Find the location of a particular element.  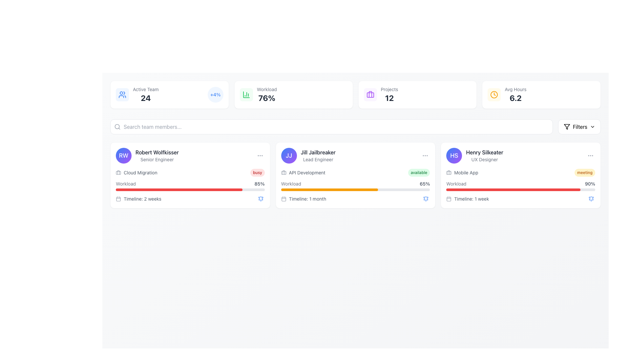

the static text element labeled 'Filters' located in the button group at the top-right corner of the interface, next to the SVG filter icon and chevron-down icon is located at coordinates (580, 127).